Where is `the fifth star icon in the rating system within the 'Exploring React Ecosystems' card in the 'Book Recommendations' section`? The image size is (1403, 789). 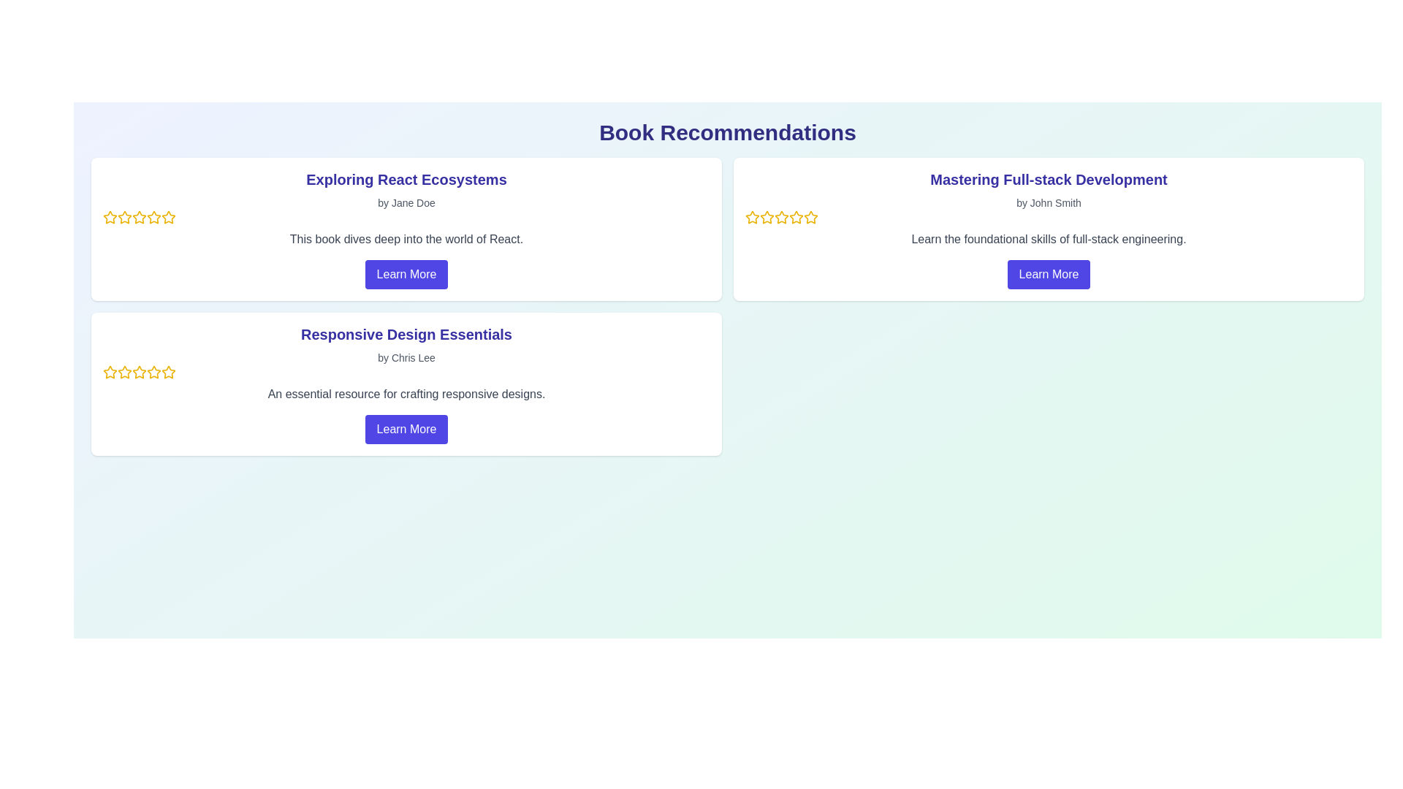 the fifth star icon in the rating system within the 'Exploring React Ecosystems' card in the 'Book Recommendations' section is located at coordinates (168, 217).